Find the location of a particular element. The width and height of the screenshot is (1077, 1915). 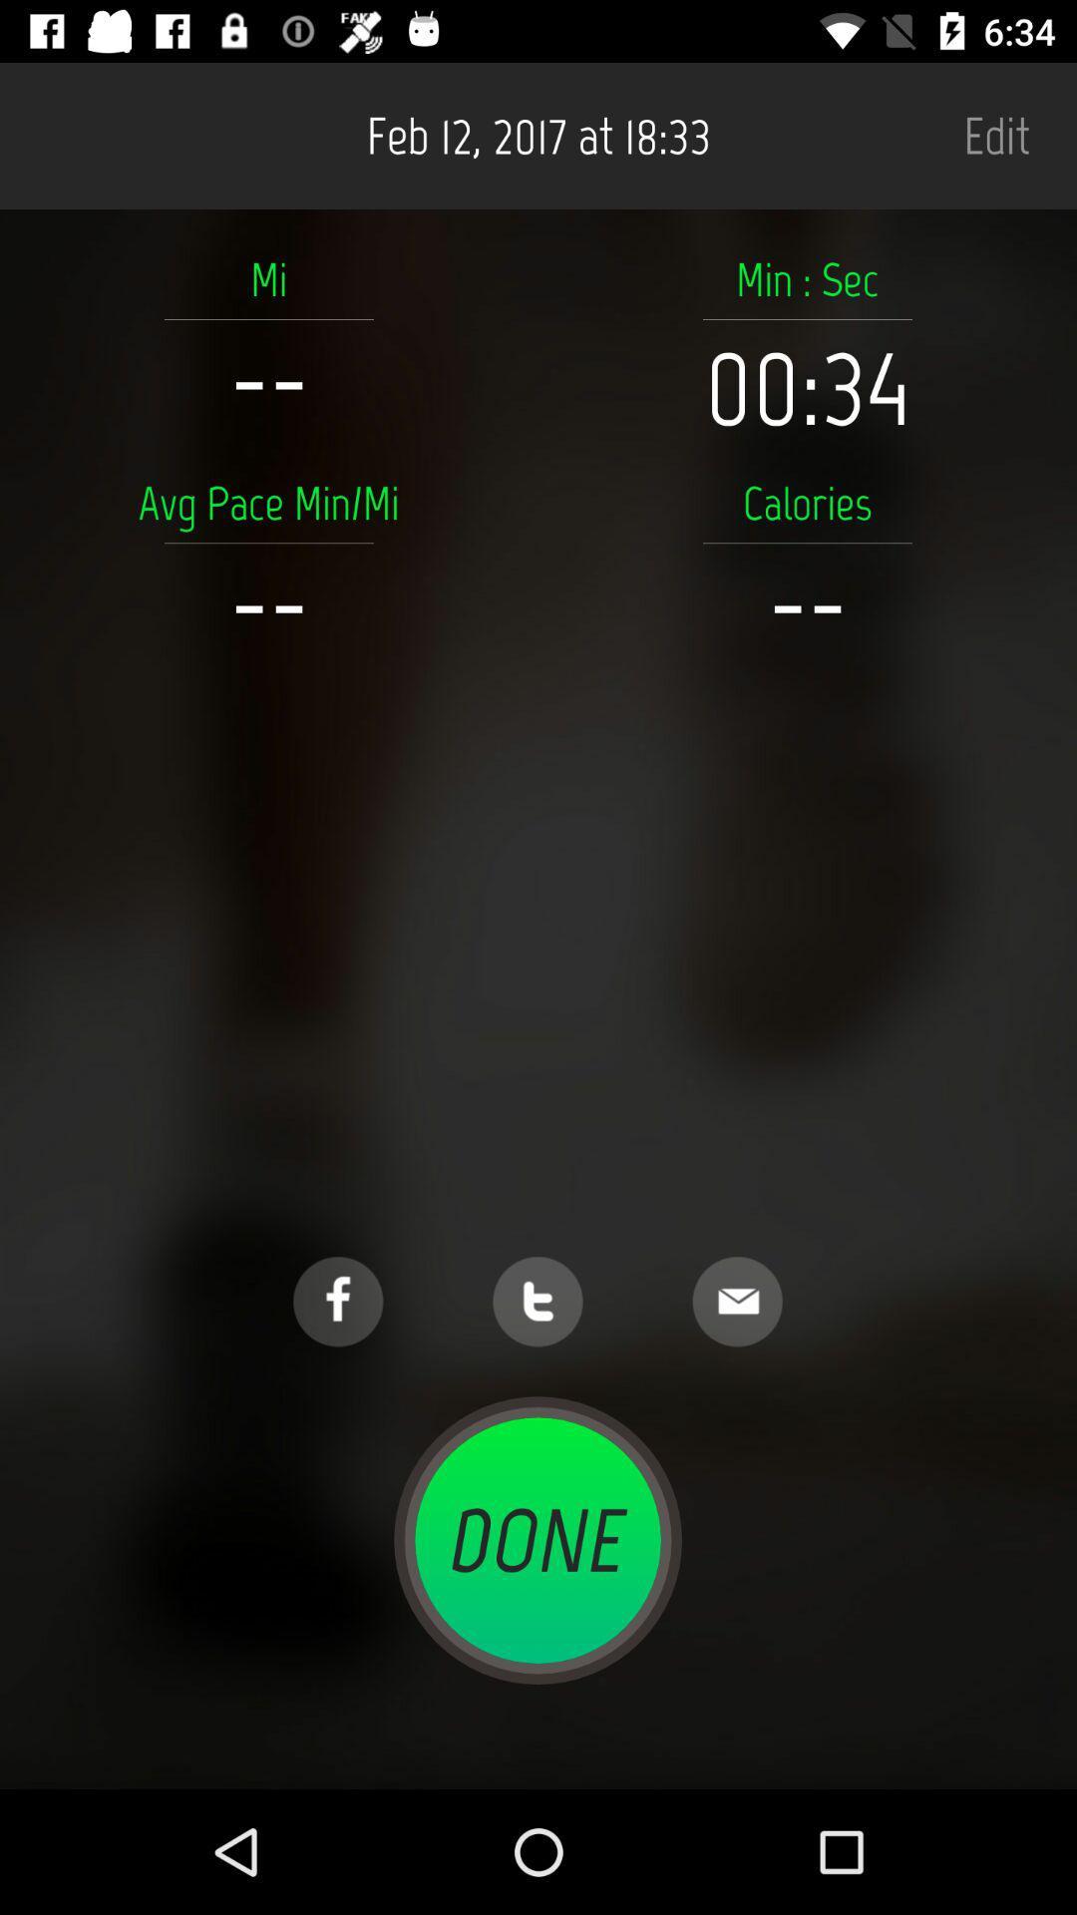

the facebook icon is located at coordinates (337, 1302).